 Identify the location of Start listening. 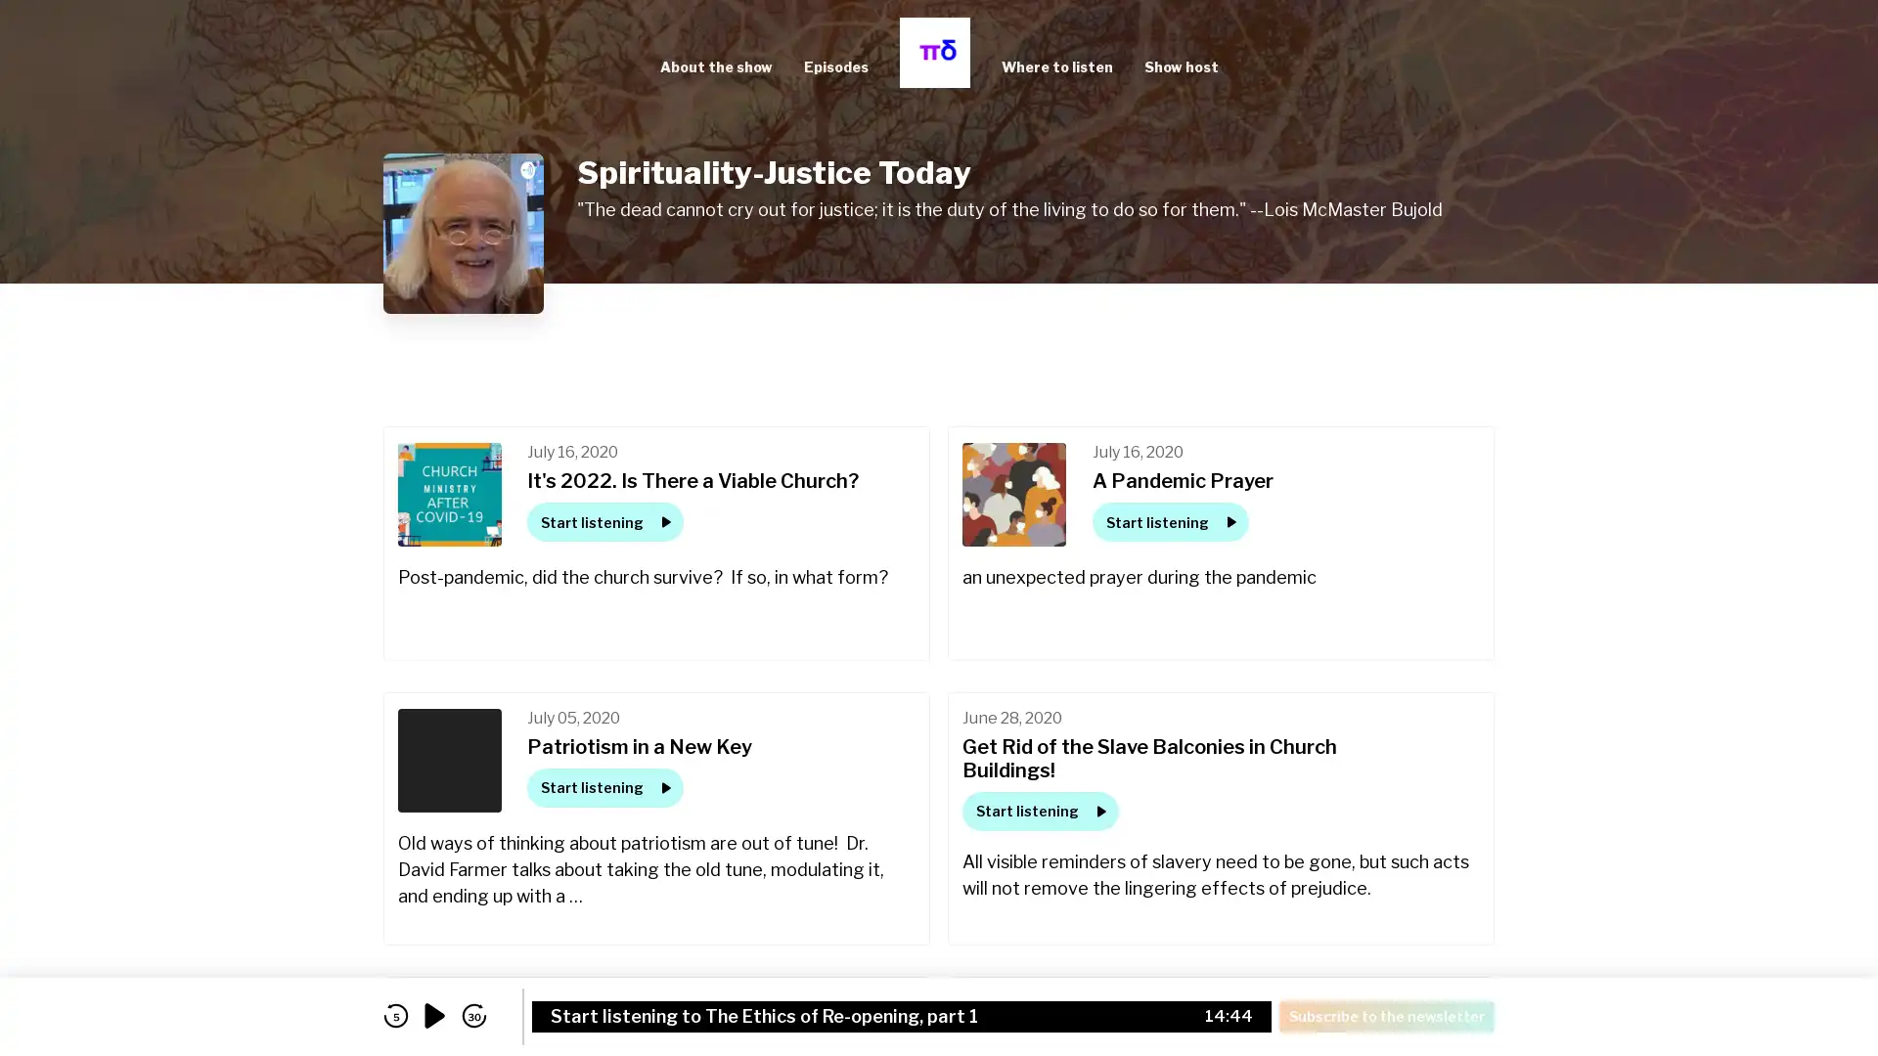
(604, 520).